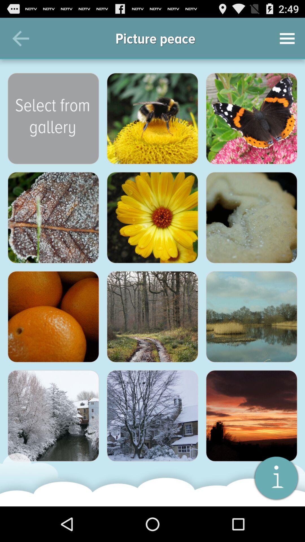 The height and width of the screenshot is (542, 305). Describe the element at coordinates (152, 317) in the screenshot. I see `choose picture` at that location.